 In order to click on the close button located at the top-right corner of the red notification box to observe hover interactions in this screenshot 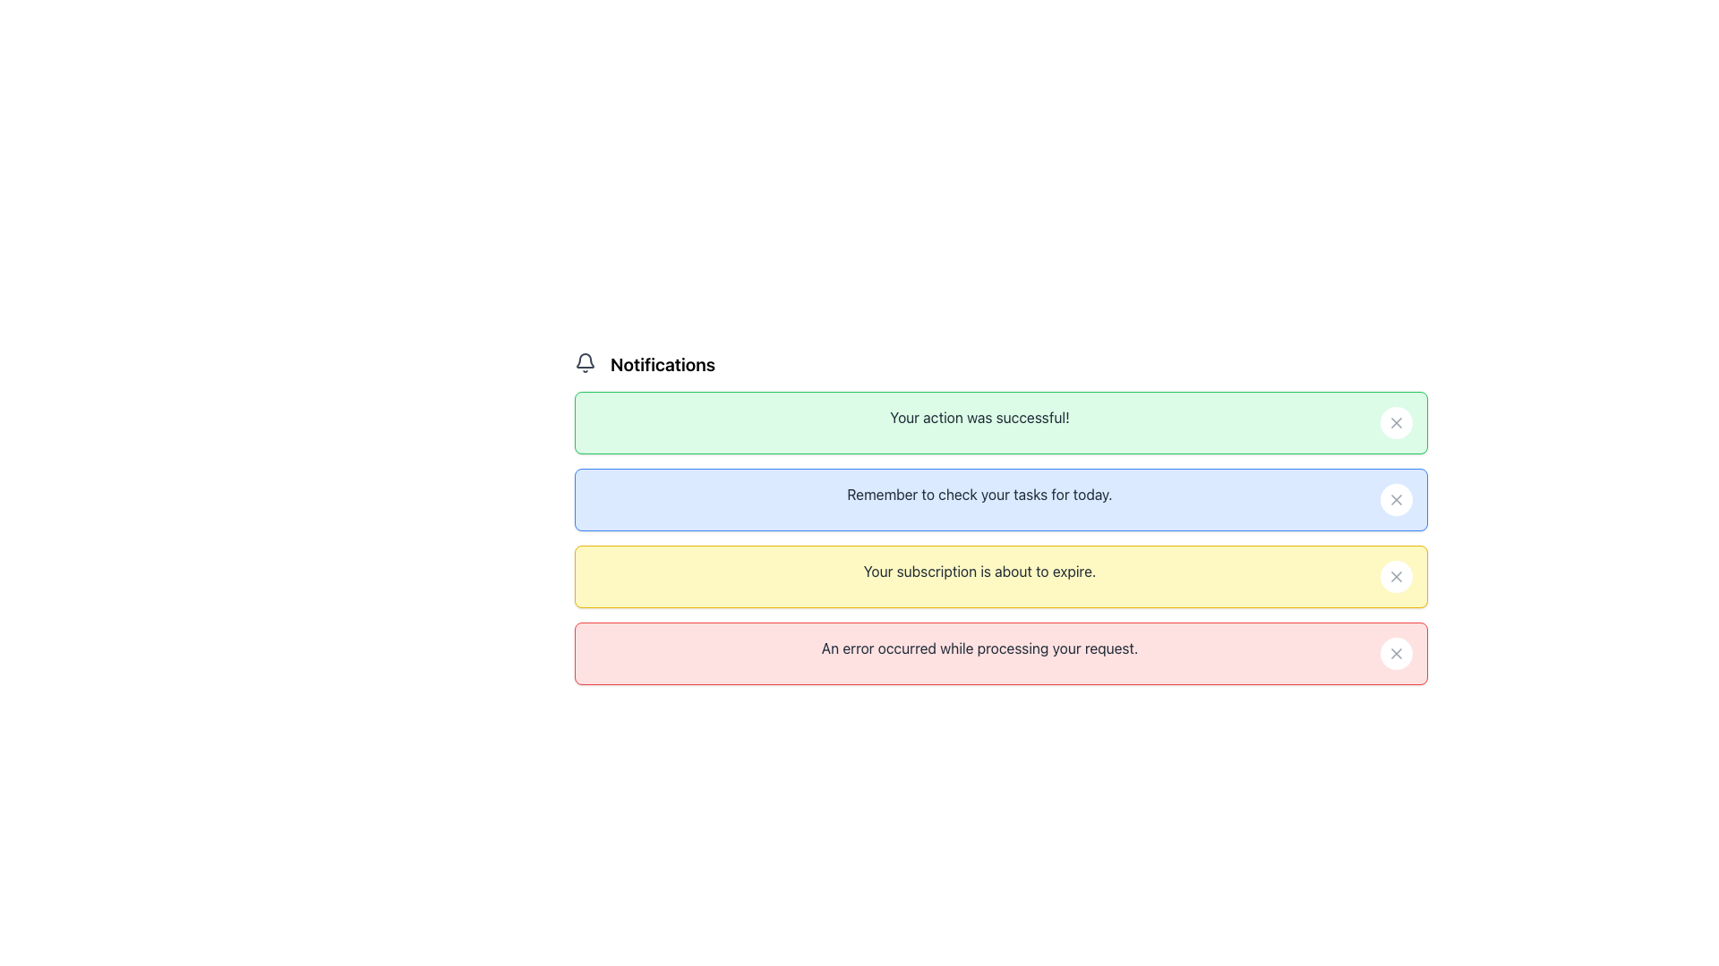, I will do `click(1396, 654)`.